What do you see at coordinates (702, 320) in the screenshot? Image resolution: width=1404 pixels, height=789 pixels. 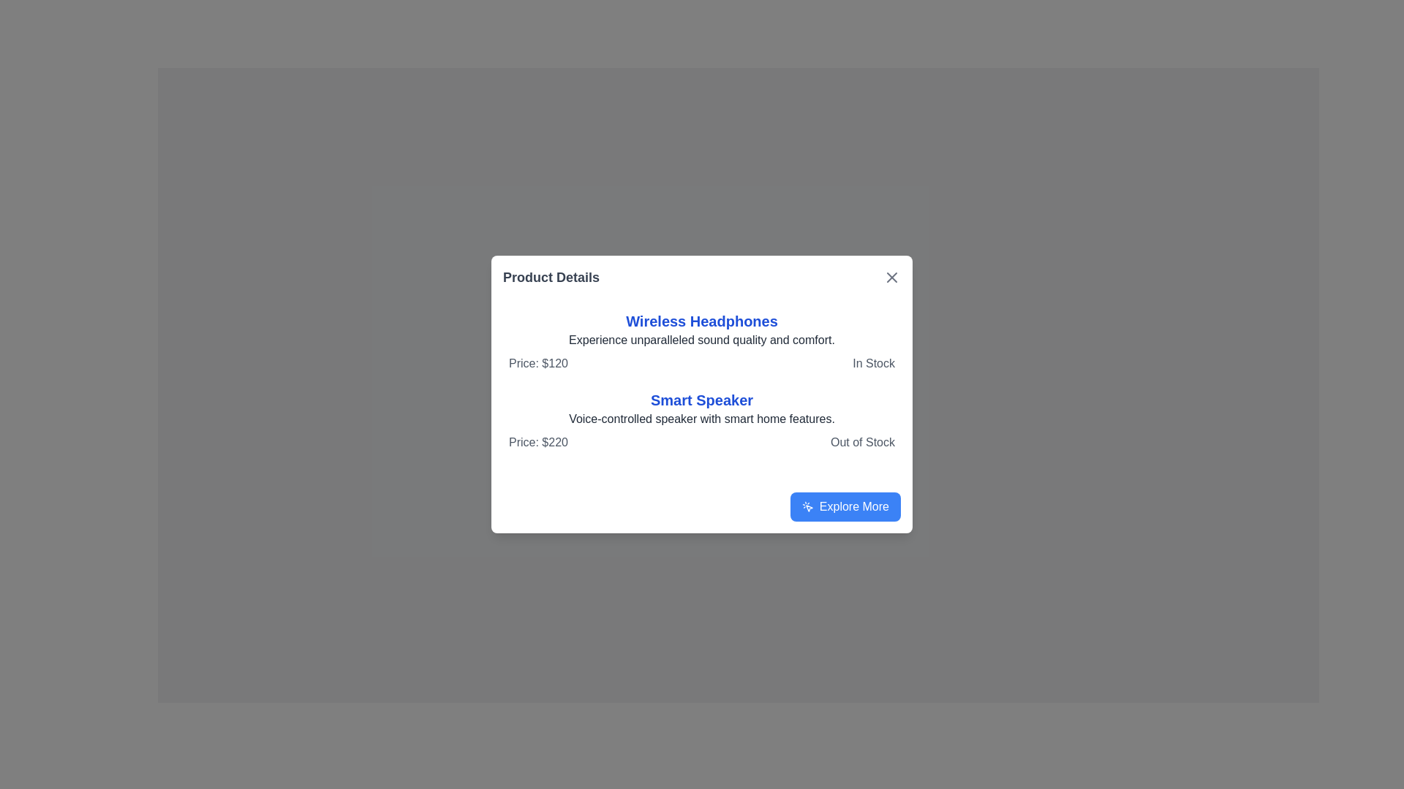 I see `the text label displaying 'Wireless Headphones' which is styled in large, bold, blue font and positioned at the top of the product information section under the heading 'Product Details'` at bounding box center [702, 320].